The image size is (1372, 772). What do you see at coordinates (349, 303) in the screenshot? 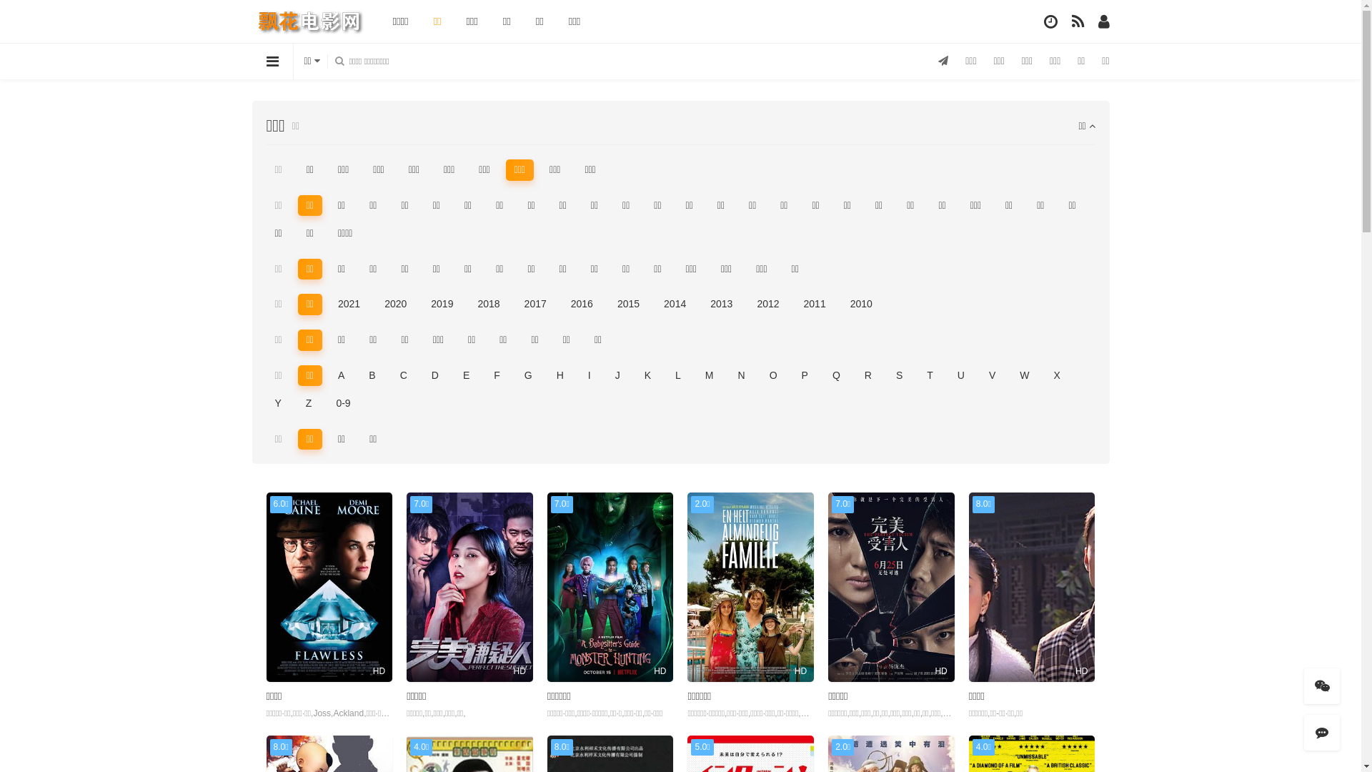
I see `'2021'` at bounding box center [349, 303].